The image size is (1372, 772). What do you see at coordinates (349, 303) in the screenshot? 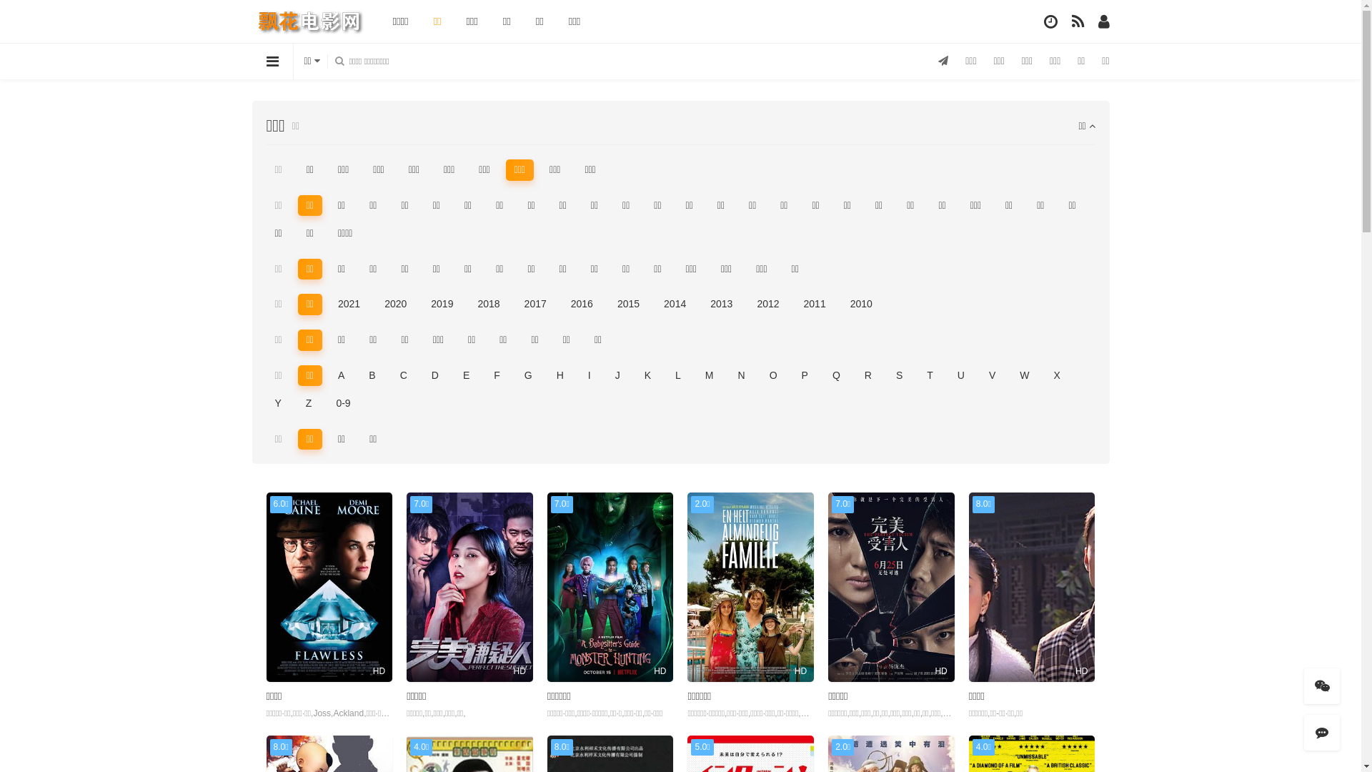
I see `'2021'` at bounding box center [349, 303].